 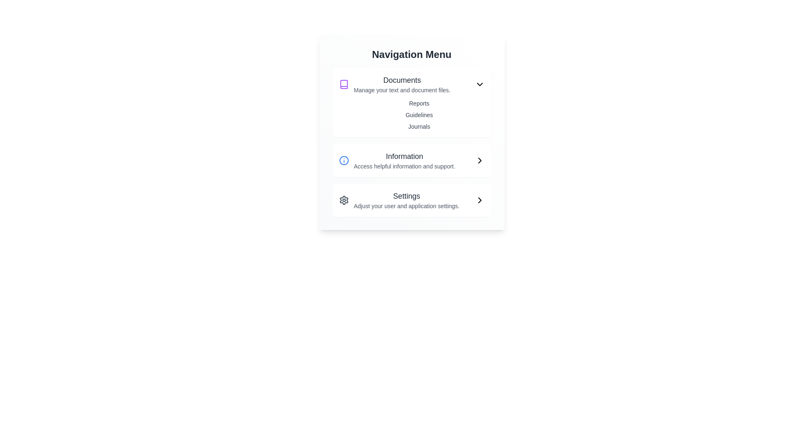 I want to click on the purple book icon located to the left of the 'Documents' title in the 'DocumentsManage your text and document files.' group, so click(x=344, y=84).